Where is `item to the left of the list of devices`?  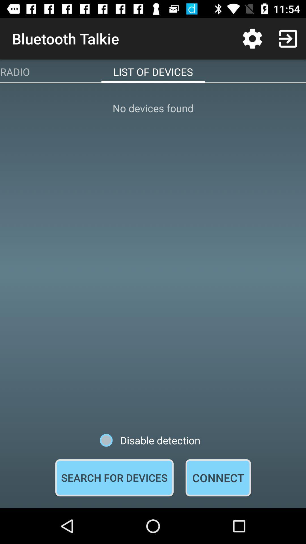 item to the left of the list of devices is located at coordinates (14, 71).